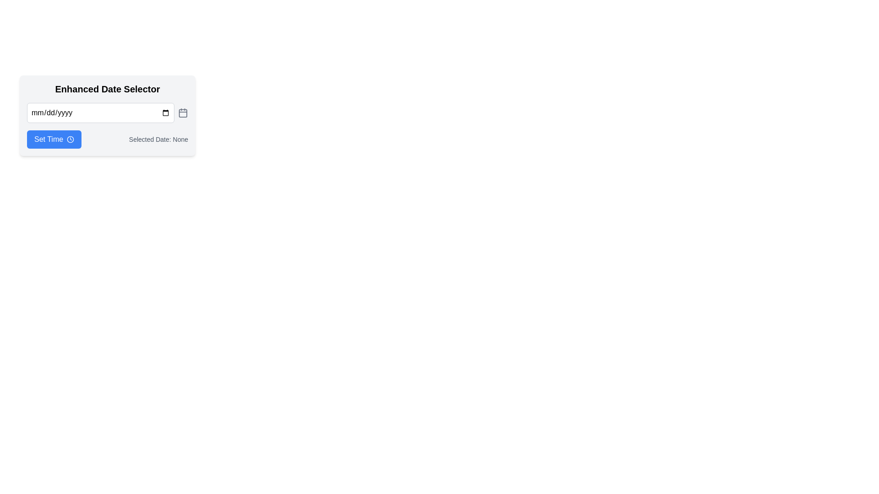 This screenshot has width=879, height=494. What do you see at coordinates (70, 139) in the screenshot?
I see `the SVG circle shape that forms part of the 'Set Time' button, which is located below the date input field and to the far left in the date selector form` at bounding box center [70, 139].